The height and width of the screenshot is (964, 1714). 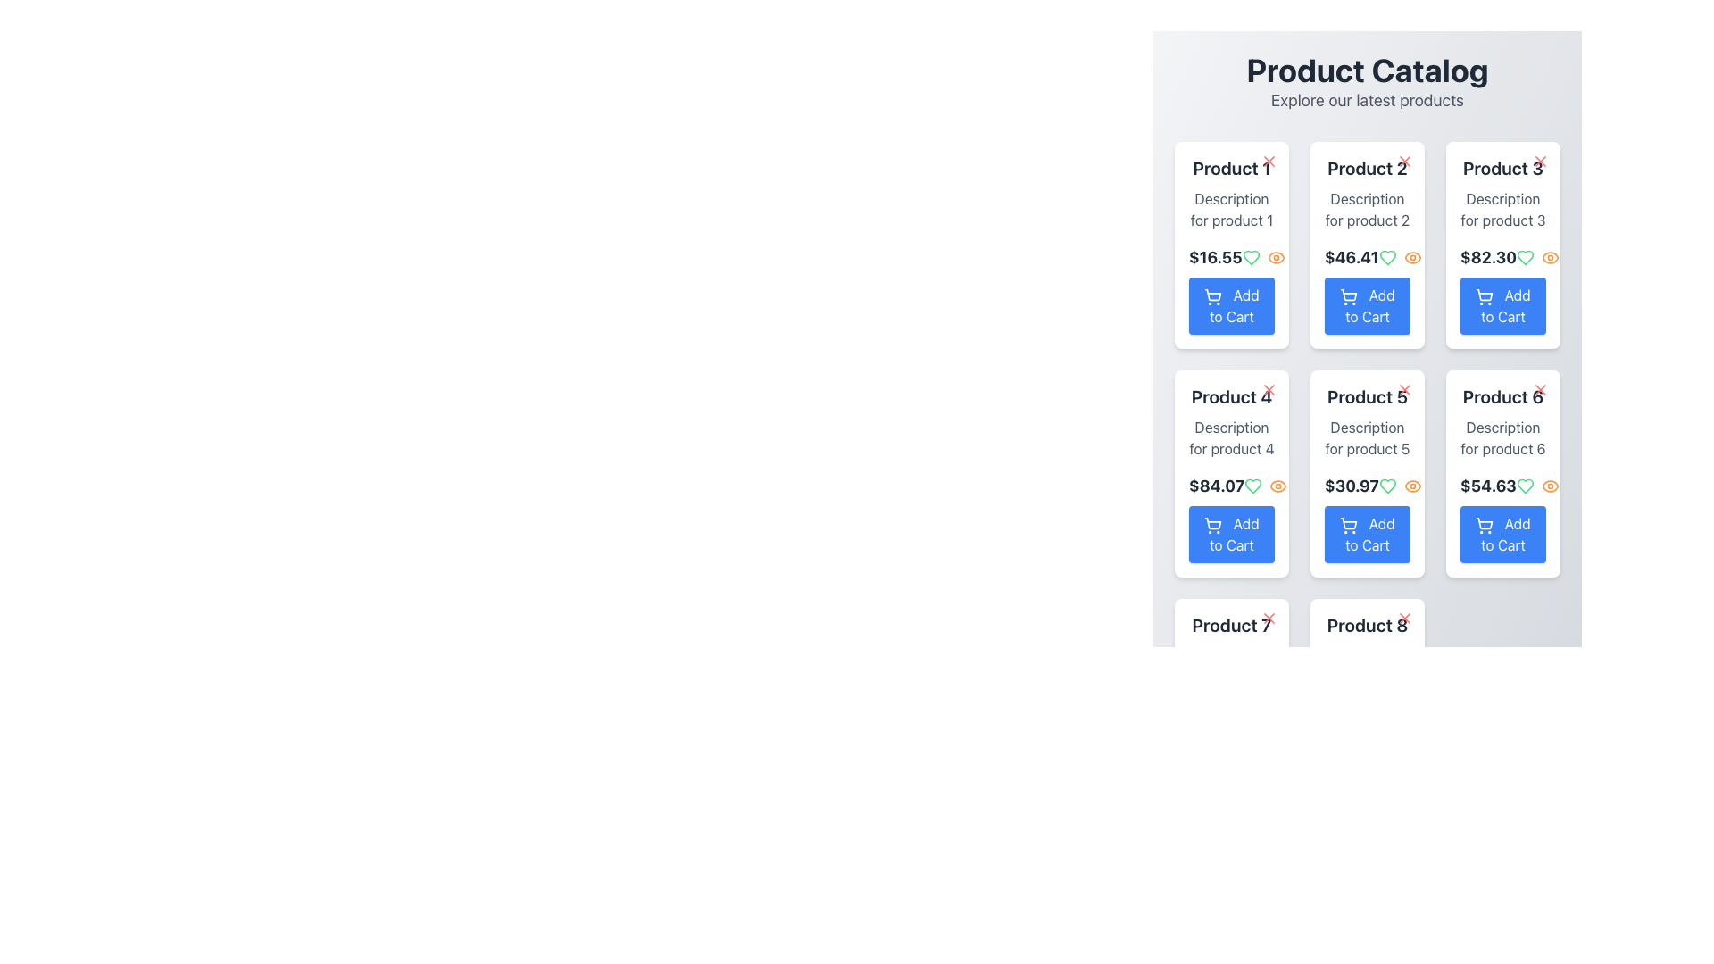 What do you see at coordinates (1485, 295) in the screenshot?
I see `the shopping cart icon within the 'Add to Cart' button of the third product card in the first row of the product catalog` at bounding box center [1485, 295].